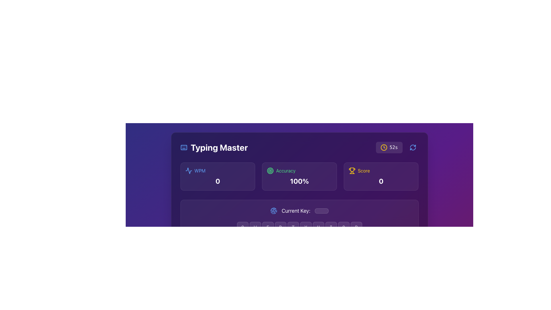 The height and width of the screenshot is (310, 551). What do you see at coordinates (273, 211) in the screenshot?
I see `the fingerprint icon, which is styled in blue and located to the left of the text labeled 'Current Key:'` at bounding box center [273, 211].